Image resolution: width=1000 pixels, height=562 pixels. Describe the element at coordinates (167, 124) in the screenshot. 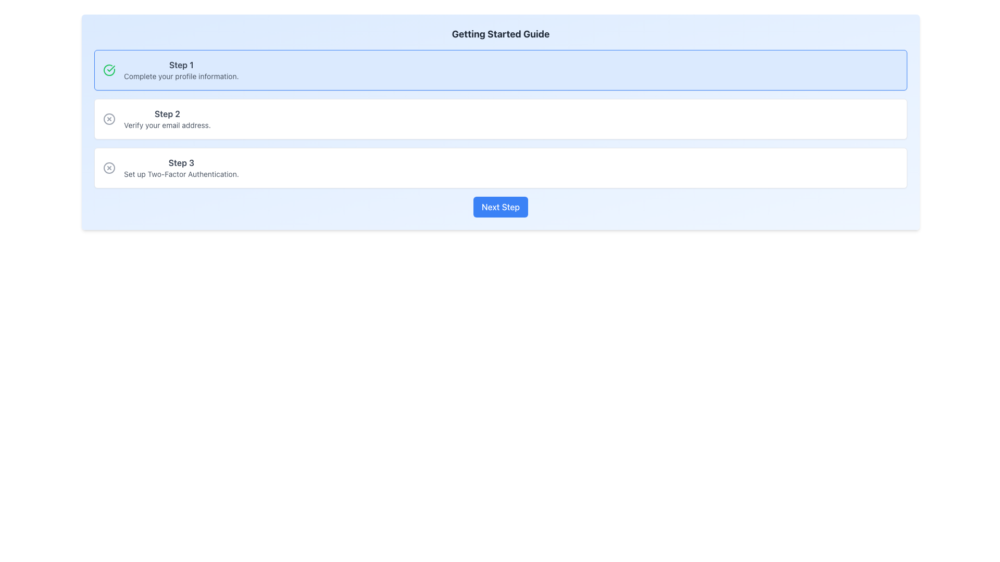

I see `the text label providing instructions related to Step 2, located directly below the 'Step 2' text and aligned with it in the interface` at that location.